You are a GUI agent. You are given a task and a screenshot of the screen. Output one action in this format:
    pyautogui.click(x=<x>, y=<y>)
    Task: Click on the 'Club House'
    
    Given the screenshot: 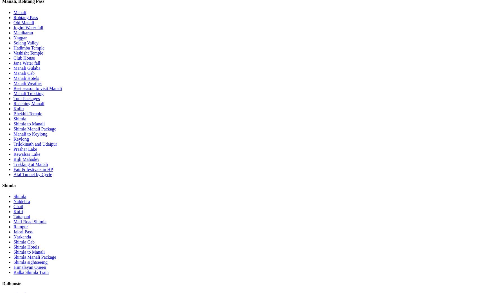 What is the action you would take?
    pyautogui.click(x=24, y=57)
    